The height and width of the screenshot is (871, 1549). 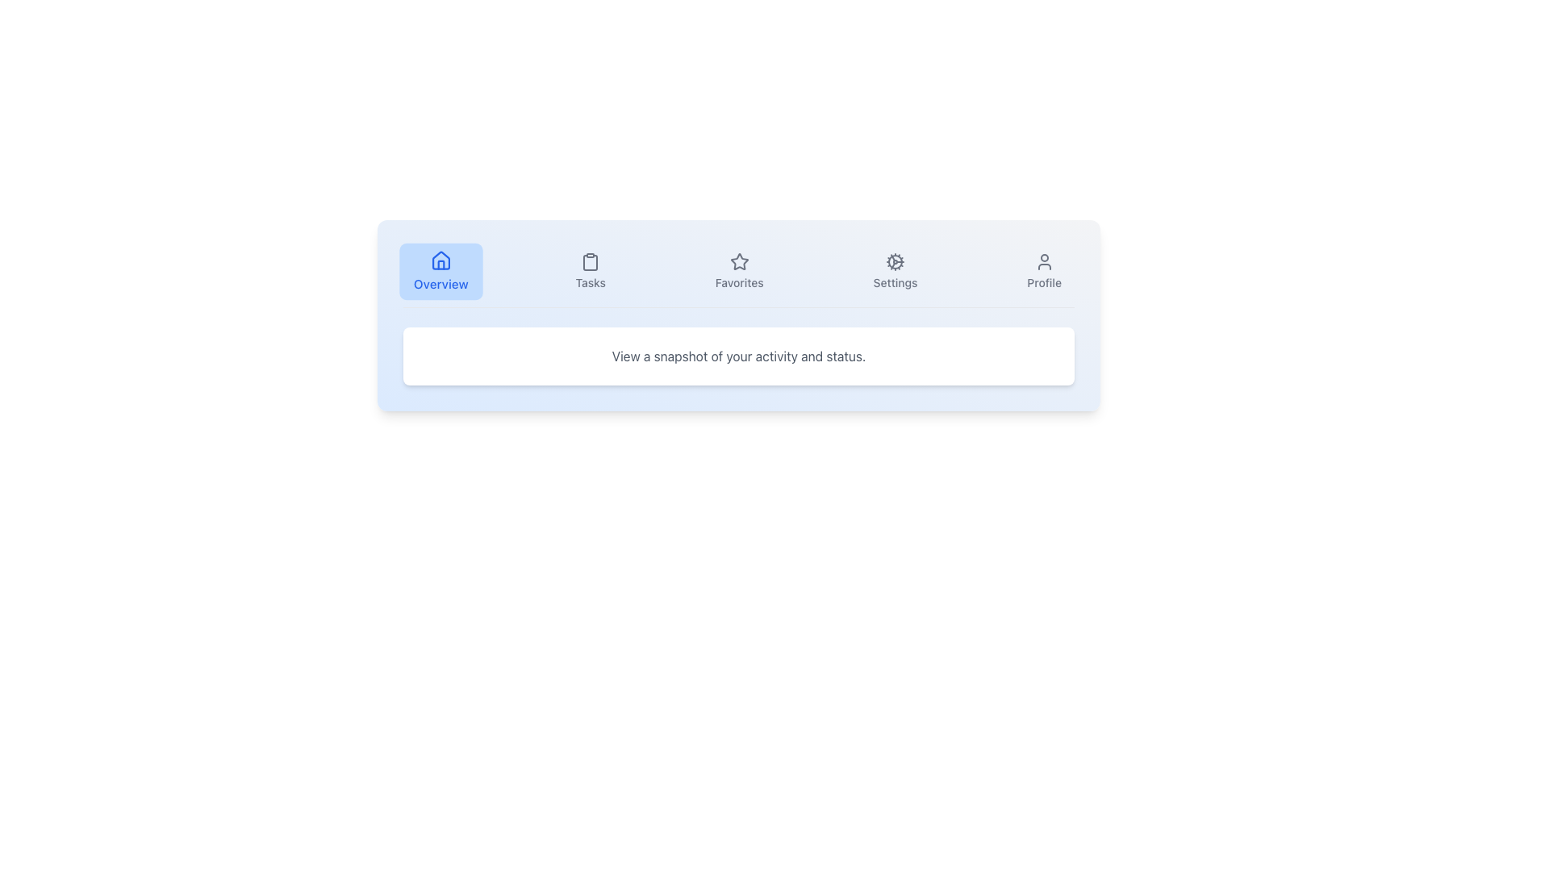 I want to click on the Navigation Button that features a house icon and the text 'Overview', so click(x=440, y=270).